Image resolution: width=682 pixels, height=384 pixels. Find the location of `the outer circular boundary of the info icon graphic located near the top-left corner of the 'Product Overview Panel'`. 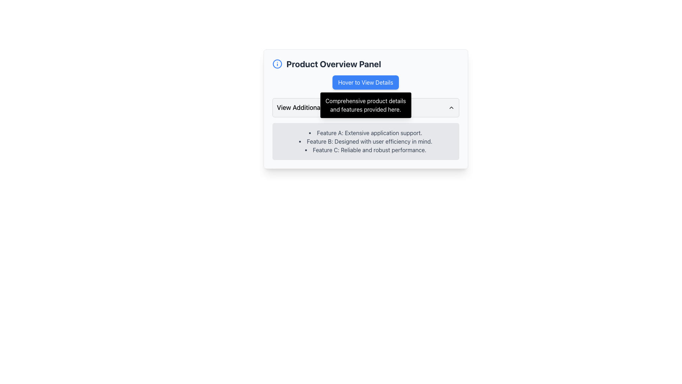

the outer circular boundary of the info icon graphic located near the top-left corner of the 'Product Overview Panel' is located at coordinates (277, 64).